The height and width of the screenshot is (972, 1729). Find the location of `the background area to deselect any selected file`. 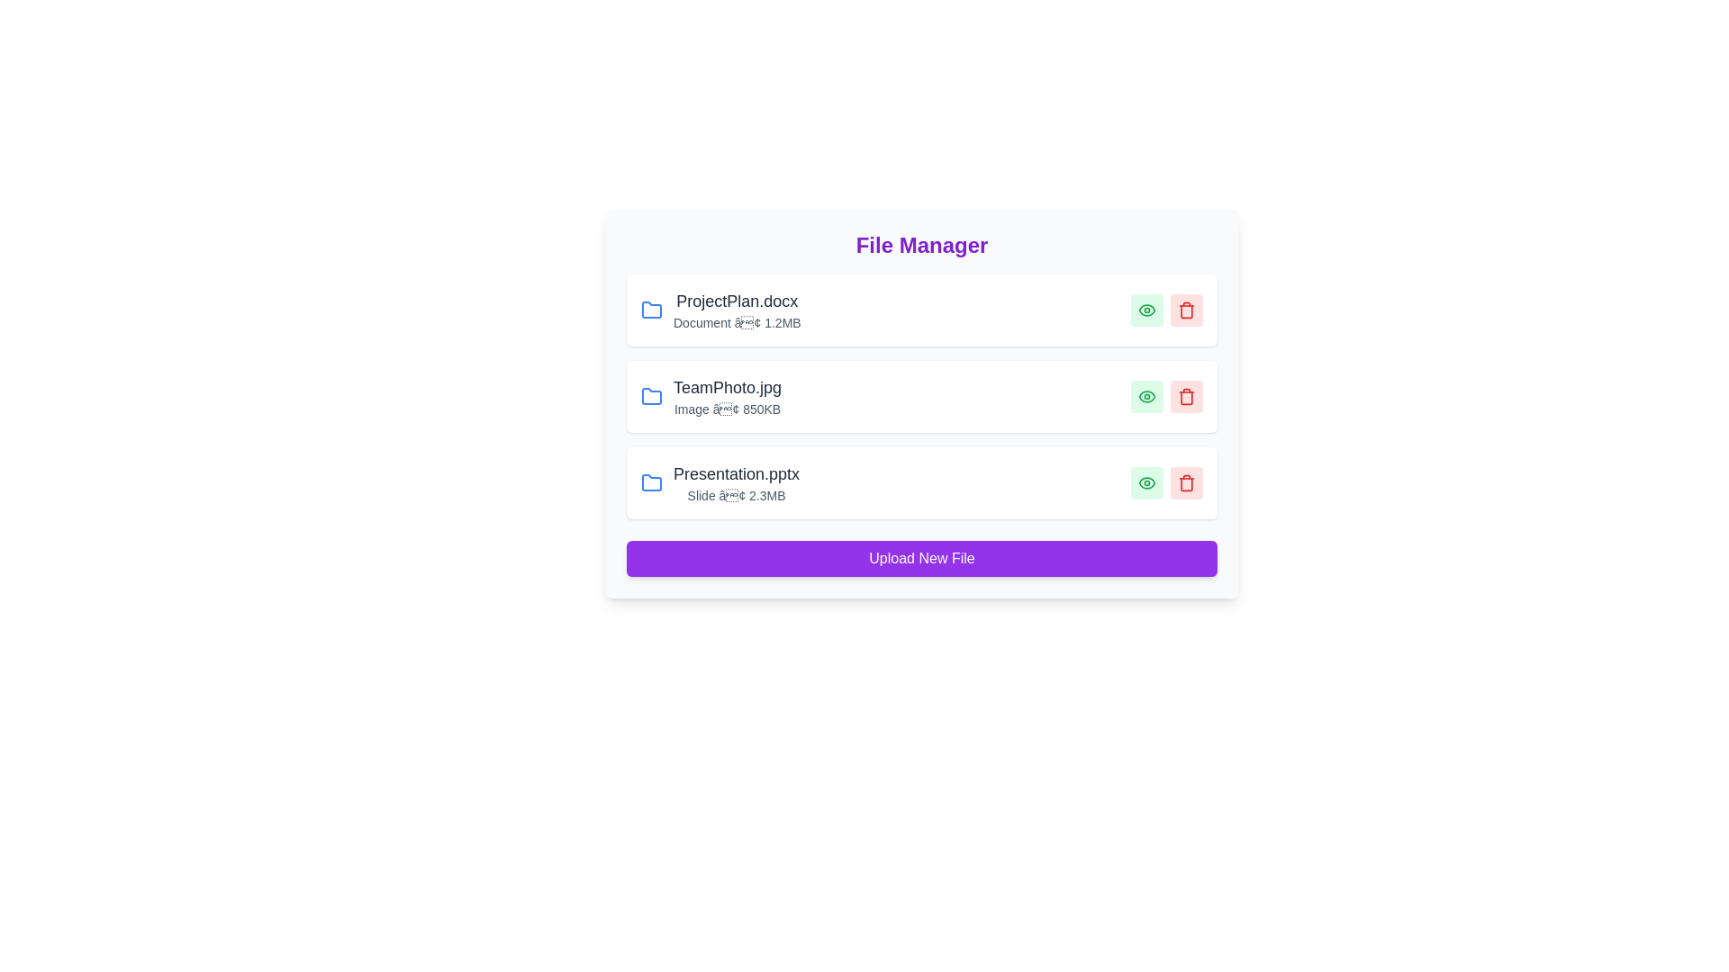

the background area to deselect any selected file is located at coordinates (89, 90).